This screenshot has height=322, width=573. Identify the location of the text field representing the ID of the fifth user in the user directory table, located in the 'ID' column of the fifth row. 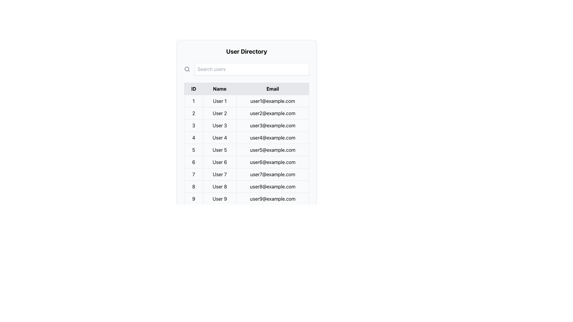
(193, 149).